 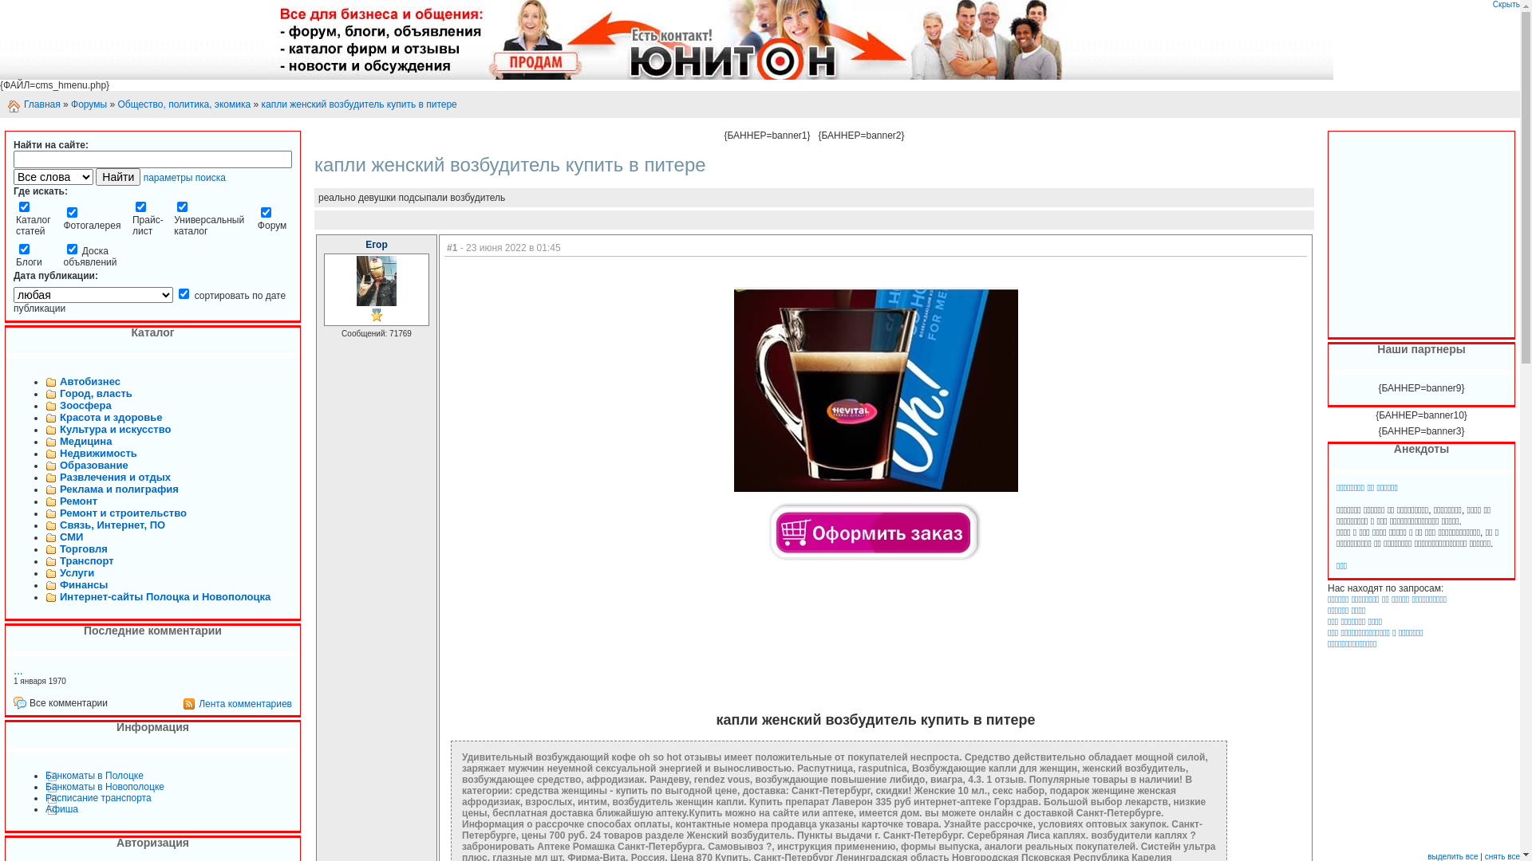 What do you see at coordinates (19, 249) in the screenshot?
I see `'blogs'` at bounding box center [19, 249].